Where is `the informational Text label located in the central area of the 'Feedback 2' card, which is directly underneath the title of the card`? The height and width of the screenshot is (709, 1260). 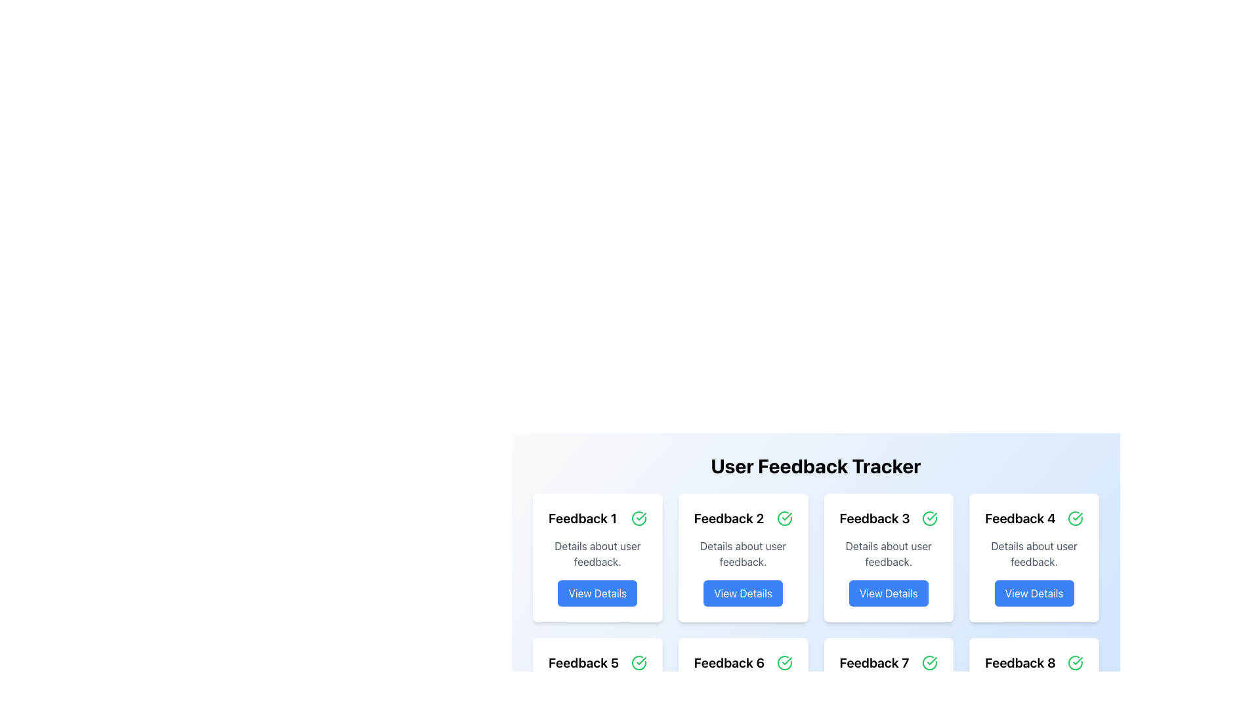
the informational Text label located in the central area of the 'Feedback 2' card, which is directly underneath the title of the card is located at coordinates (743, 554).